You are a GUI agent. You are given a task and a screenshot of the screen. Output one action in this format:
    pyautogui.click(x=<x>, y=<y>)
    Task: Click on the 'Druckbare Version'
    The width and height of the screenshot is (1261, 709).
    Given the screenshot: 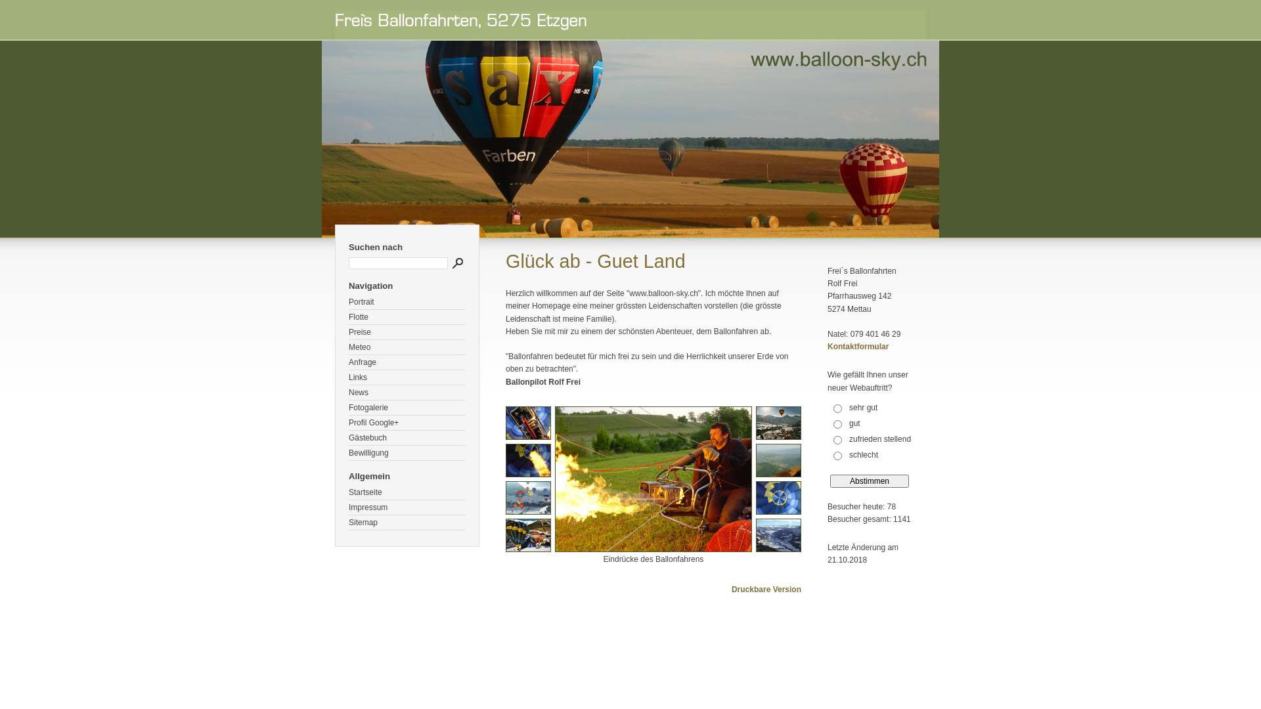 What is the action you would take?
    pyautogui.click(x=766, y=589)
    